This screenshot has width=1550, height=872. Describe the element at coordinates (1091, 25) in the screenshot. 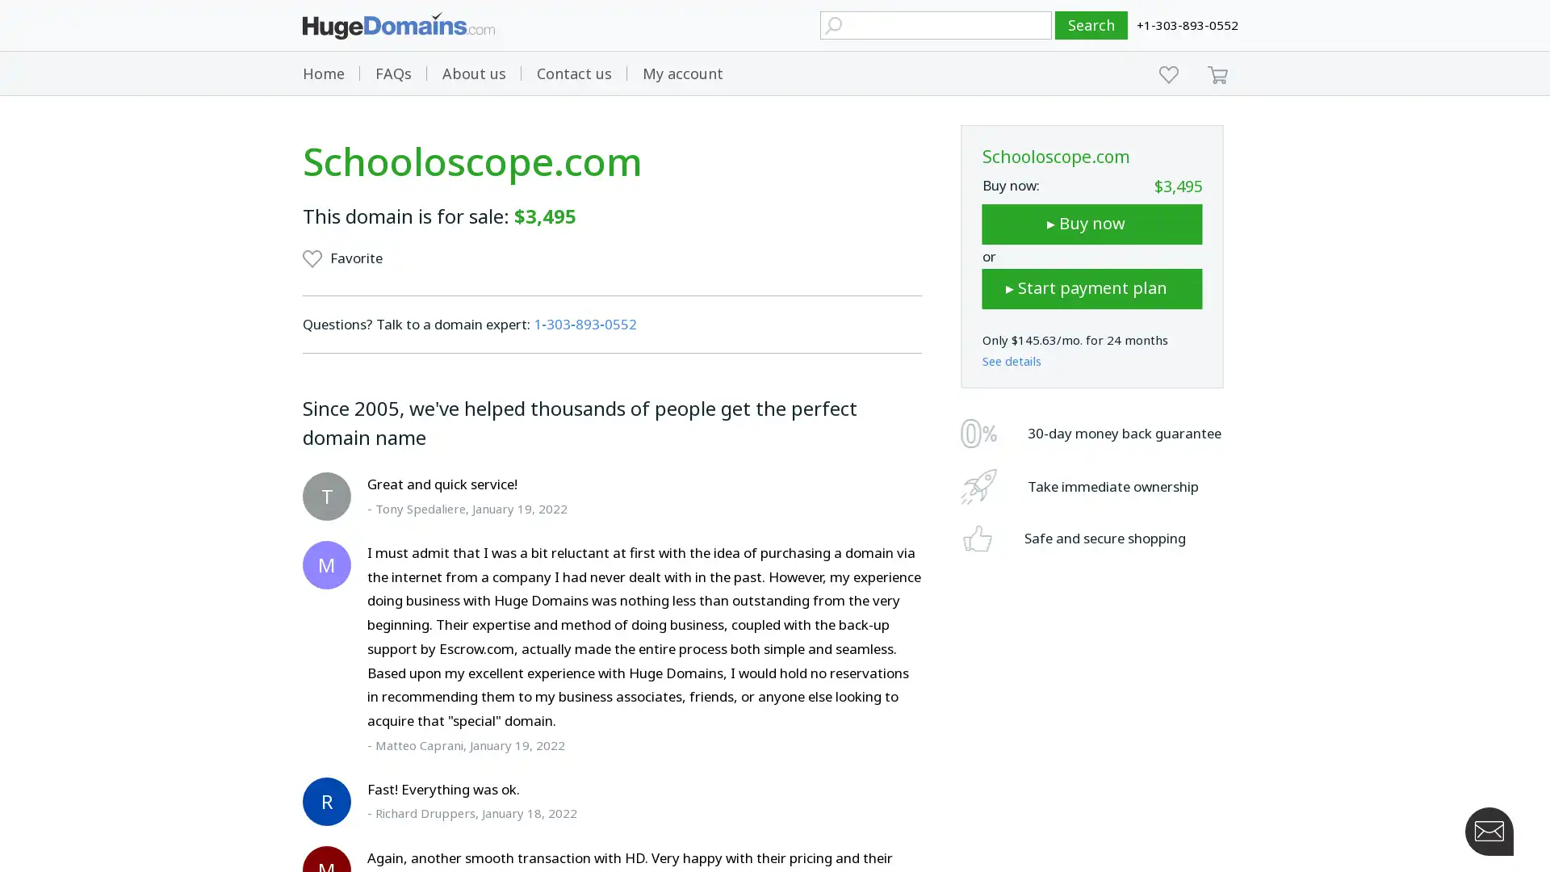

I see `Search` at that location.